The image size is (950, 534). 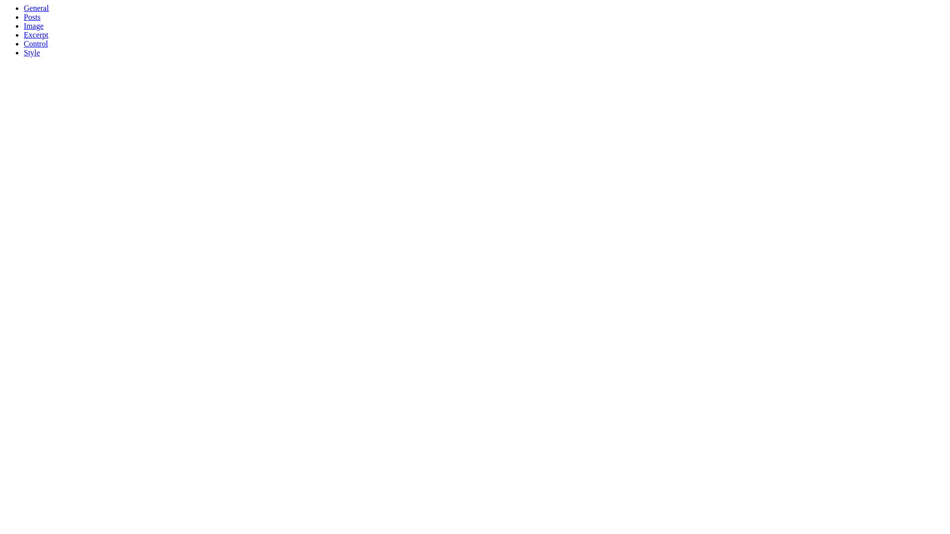 What do you see at coordinates (36, 8) in the screenshot?
I see `'General'` at bounding box center [36, 8].